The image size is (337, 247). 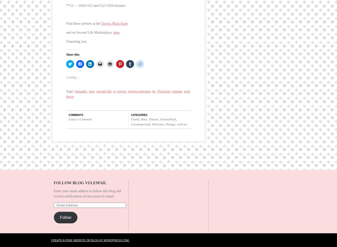 What do you see at coordinates (73, 51) in the screenshot?
I see `'Share this:'` at bounding box center [73, 51].